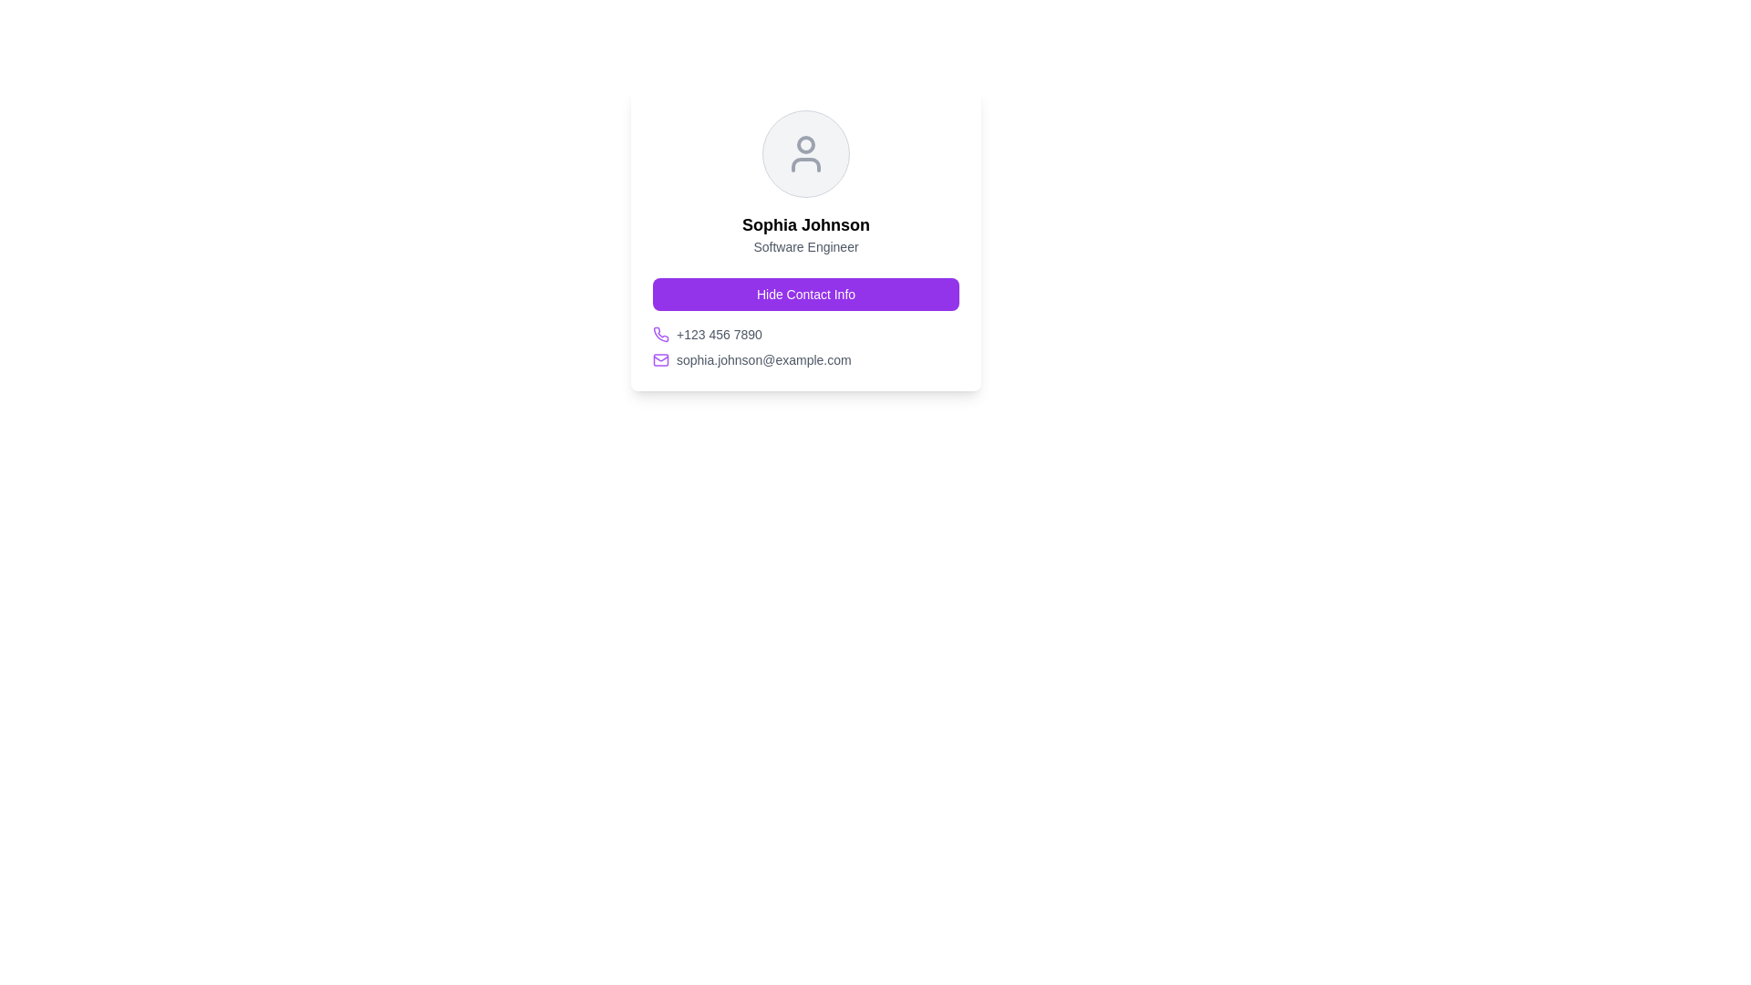  What do you see at coordinates (659, 334) in the screenshot?
I see `the phone icon located to the left of the contact number '+123 456 7890' in the contact details section` at bounding box center [659, 334].